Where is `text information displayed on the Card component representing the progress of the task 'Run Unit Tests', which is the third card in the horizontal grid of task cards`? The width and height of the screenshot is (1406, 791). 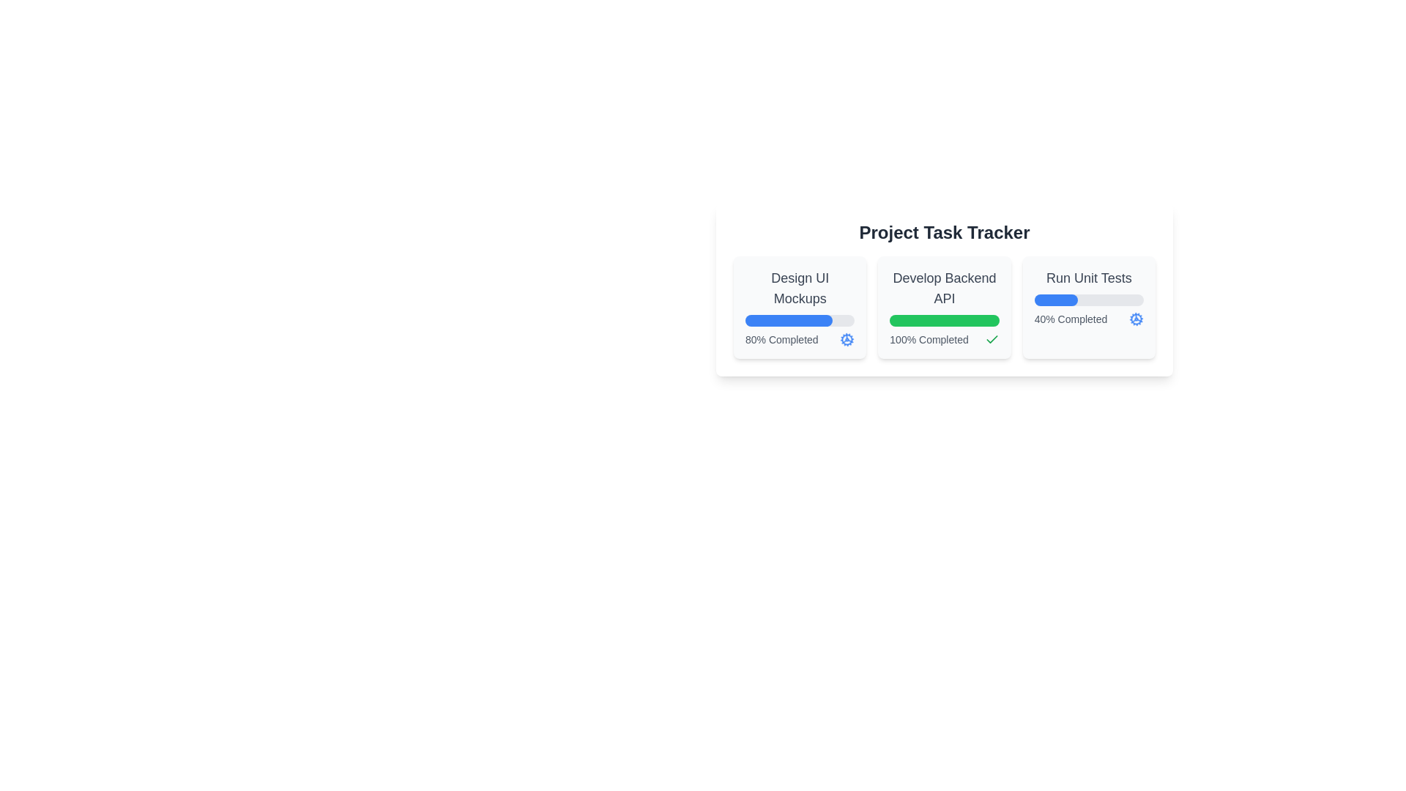 text information displayed on the Card component representing the progress of the task 'Run Unit Tests', which is the third card in the horizontal grid of task cards is located at coordinates (1089, 307).